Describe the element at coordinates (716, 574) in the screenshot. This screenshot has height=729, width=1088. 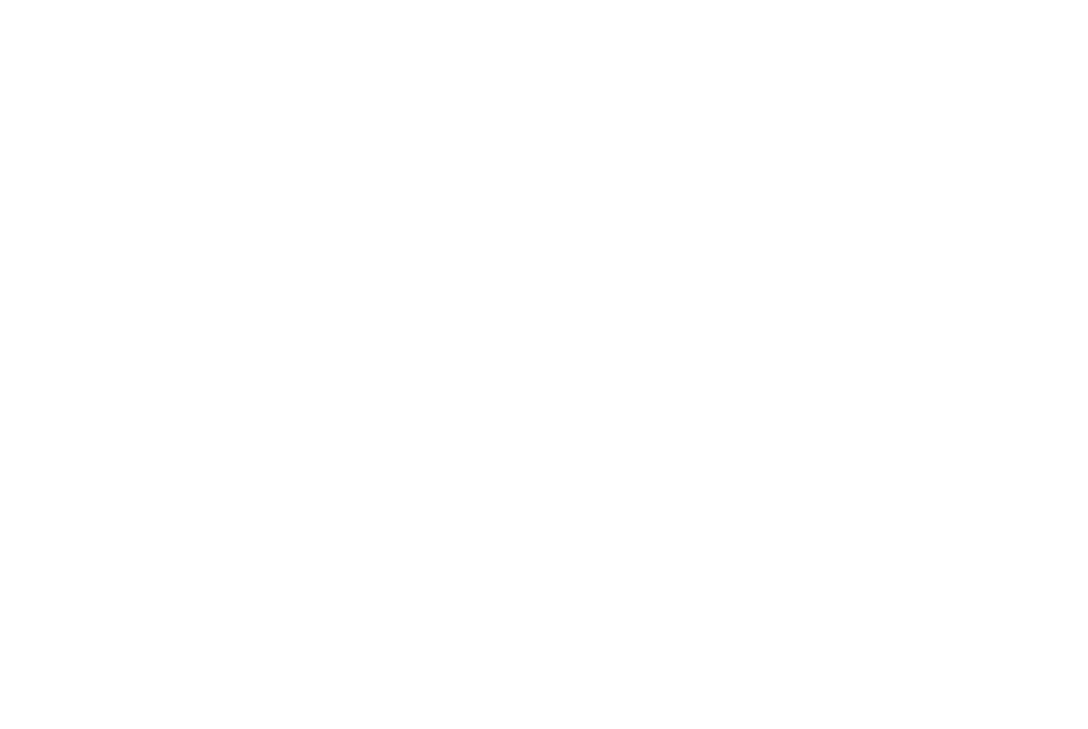
I see `'Modern Slavery Statement'` at that location.